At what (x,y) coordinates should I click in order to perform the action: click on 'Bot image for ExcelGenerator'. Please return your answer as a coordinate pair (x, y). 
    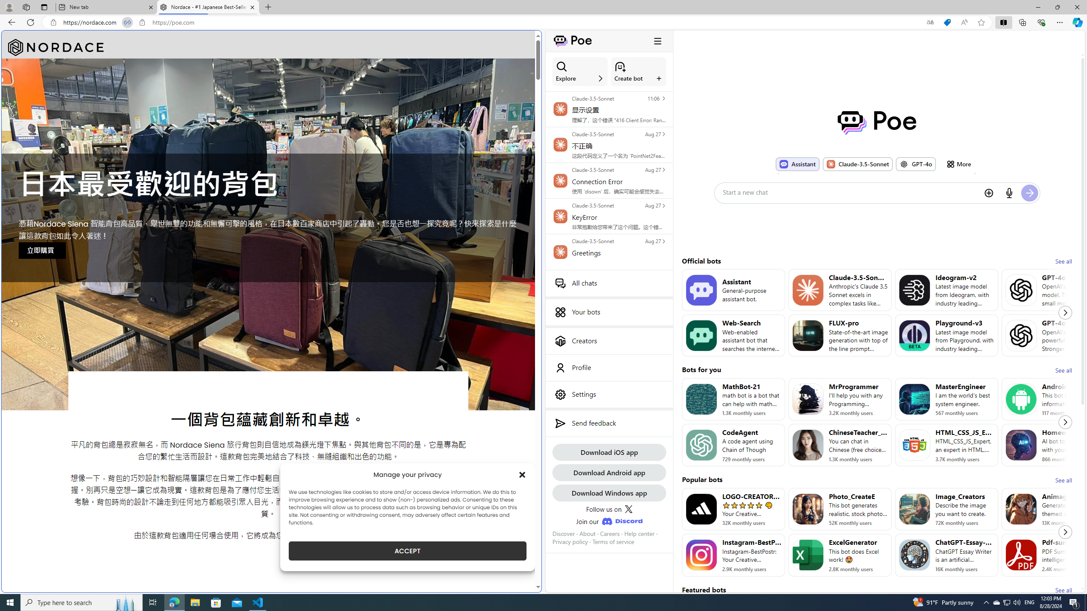
    Looking at the image, I should click on (807, 555).